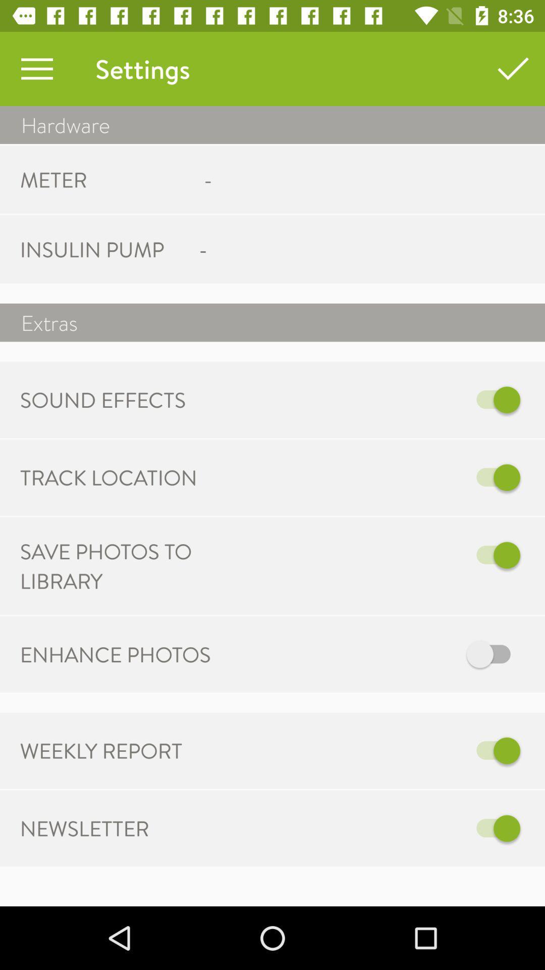  What do you see at coordinates (377, 477) in the screenshot?
I see `item next to track location` at bounding box center [377, 477].